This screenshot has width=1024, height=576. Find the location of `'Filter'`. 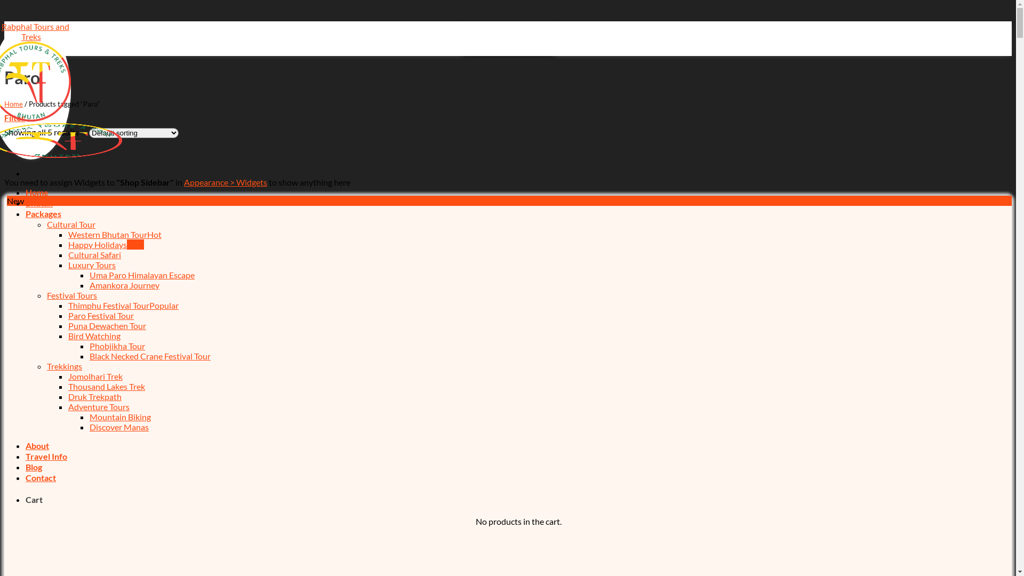

'Filter' is located at coordinates (14, 117).